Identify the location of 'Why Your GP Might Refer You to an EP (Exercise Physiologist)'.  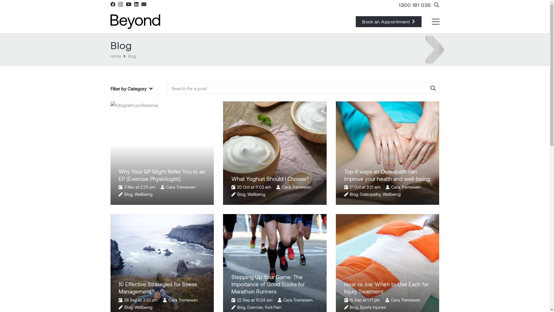
(162, 174).